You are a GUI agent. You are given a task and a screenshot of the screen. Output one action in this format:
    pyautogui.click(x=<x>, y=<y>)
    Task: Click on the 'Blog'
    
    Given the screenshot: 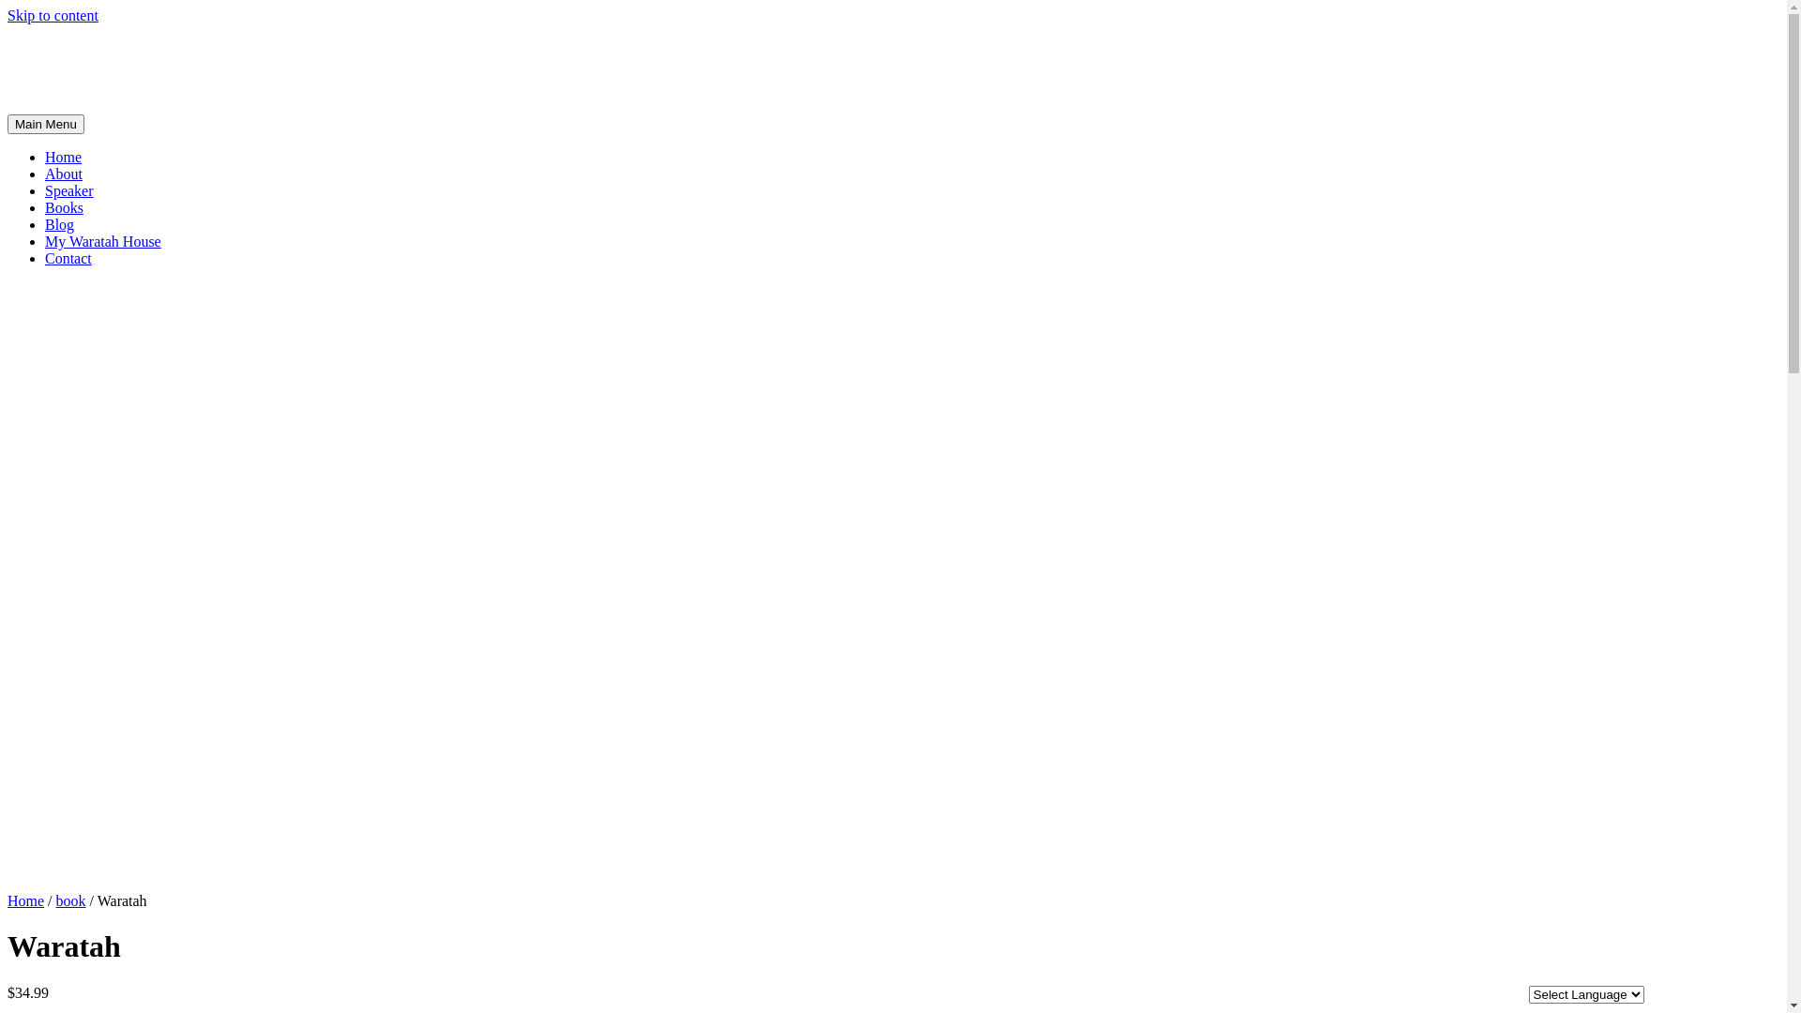 What is the action you would take?
    pyautogui.click(x=59, y=223)
    